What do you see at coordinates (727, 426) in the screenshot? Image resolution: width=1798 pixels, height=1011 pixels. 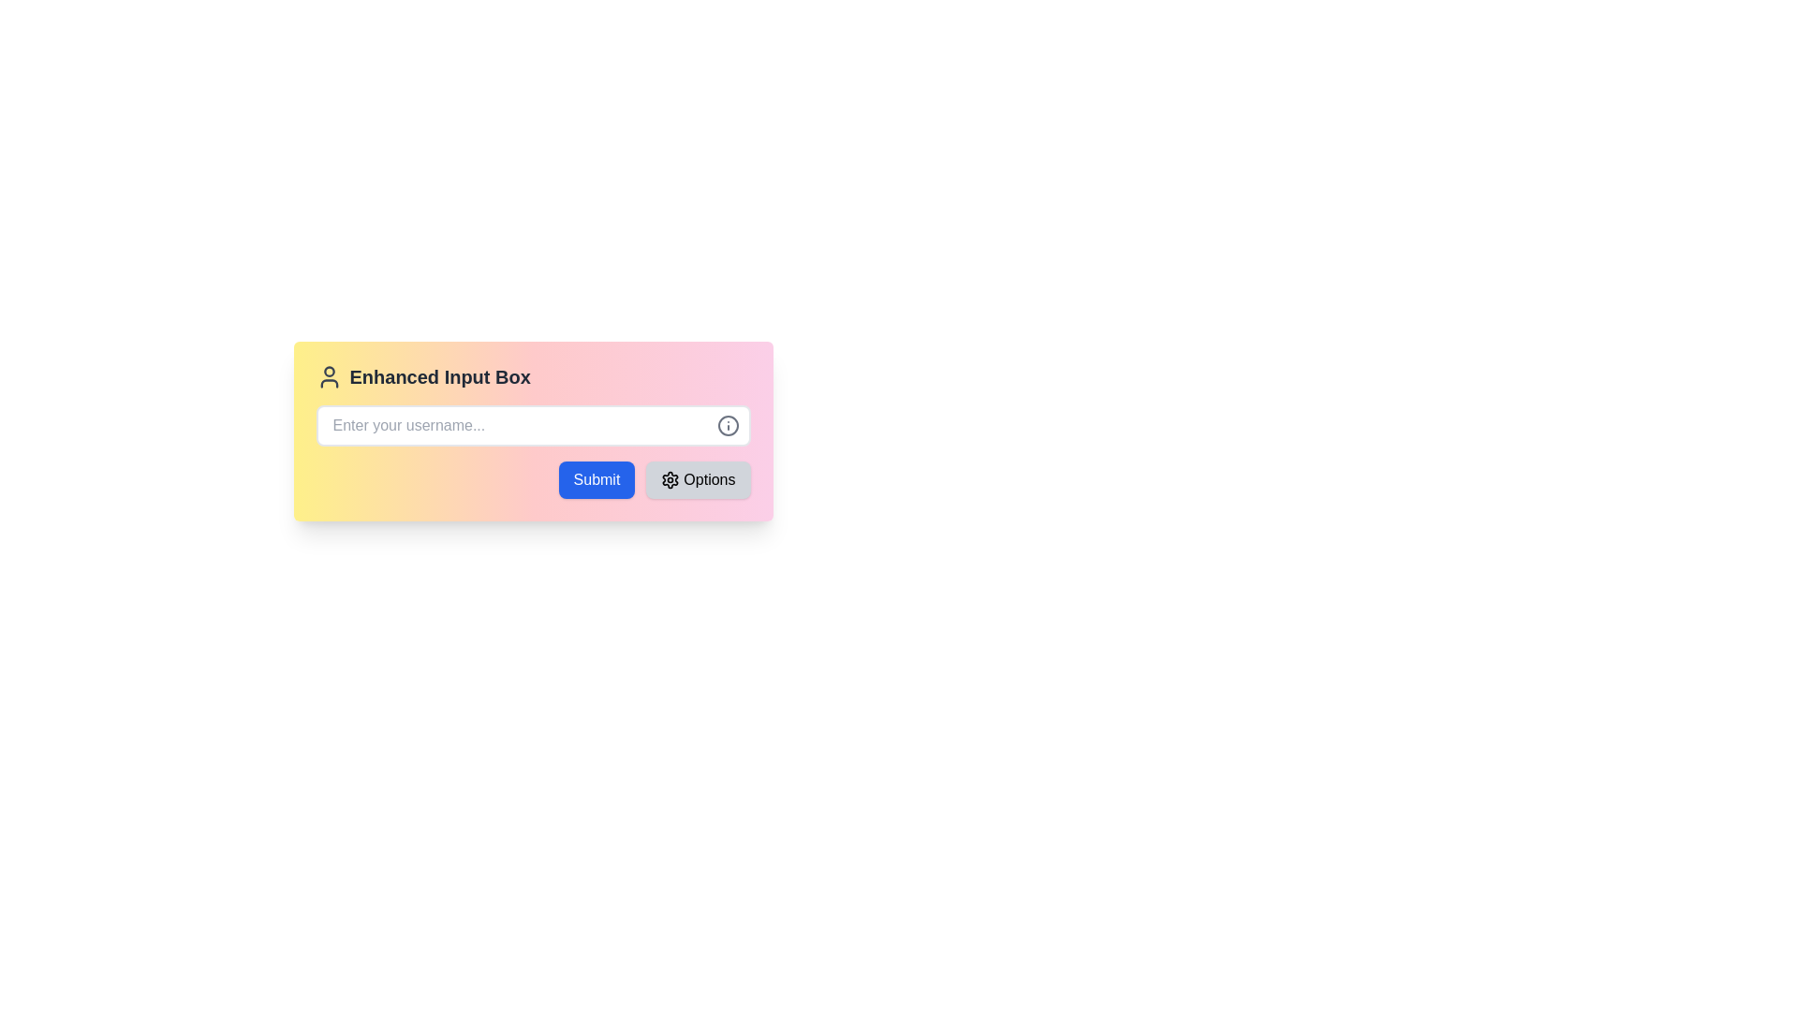 I see `the informational tooltip icon located at the far right inside the enhanced input box area, aligned vertically to the center of the input text field` at bounding box center [727, 426].